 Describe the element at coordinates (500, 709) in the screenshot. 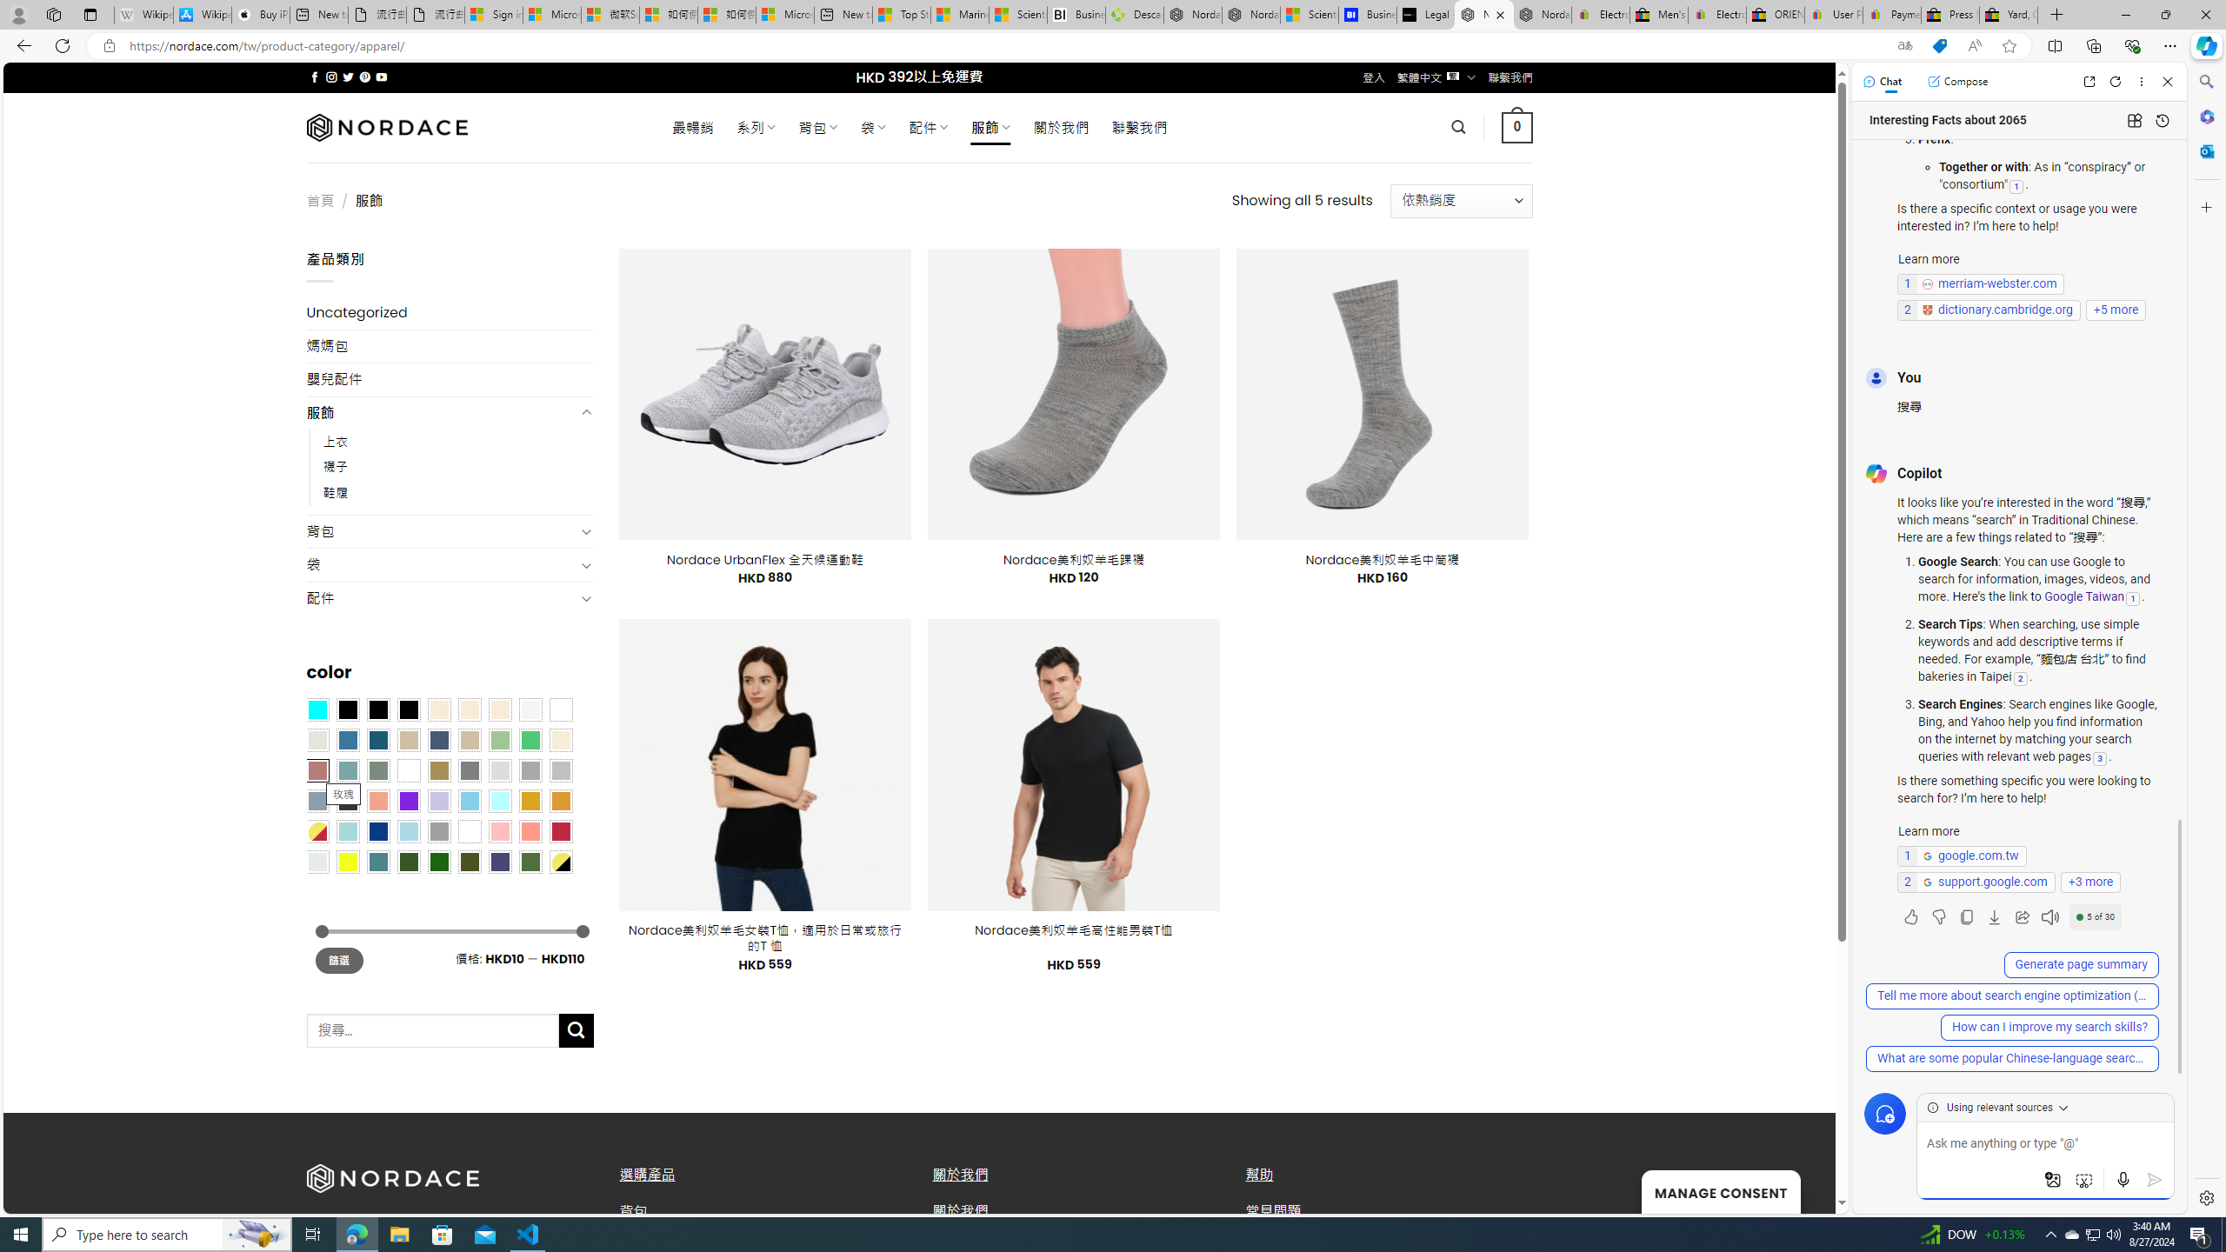

I see `'Cream'` at that location.